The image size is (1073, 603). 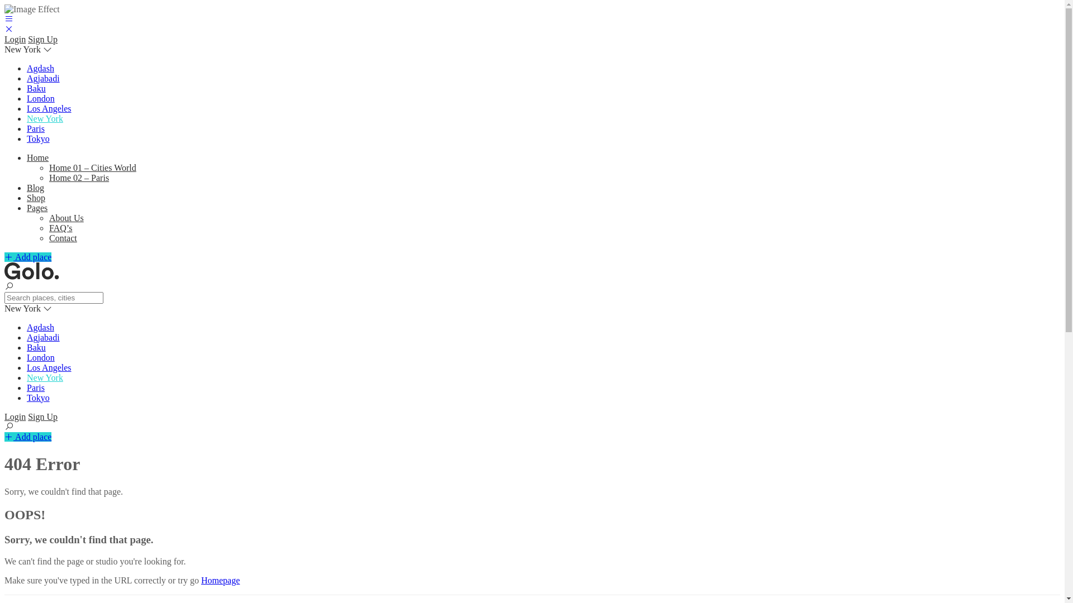 What do you see at coordinates (36, 88) in the screenshot?
I see `'Baku'` at bounding box center [36, 88].